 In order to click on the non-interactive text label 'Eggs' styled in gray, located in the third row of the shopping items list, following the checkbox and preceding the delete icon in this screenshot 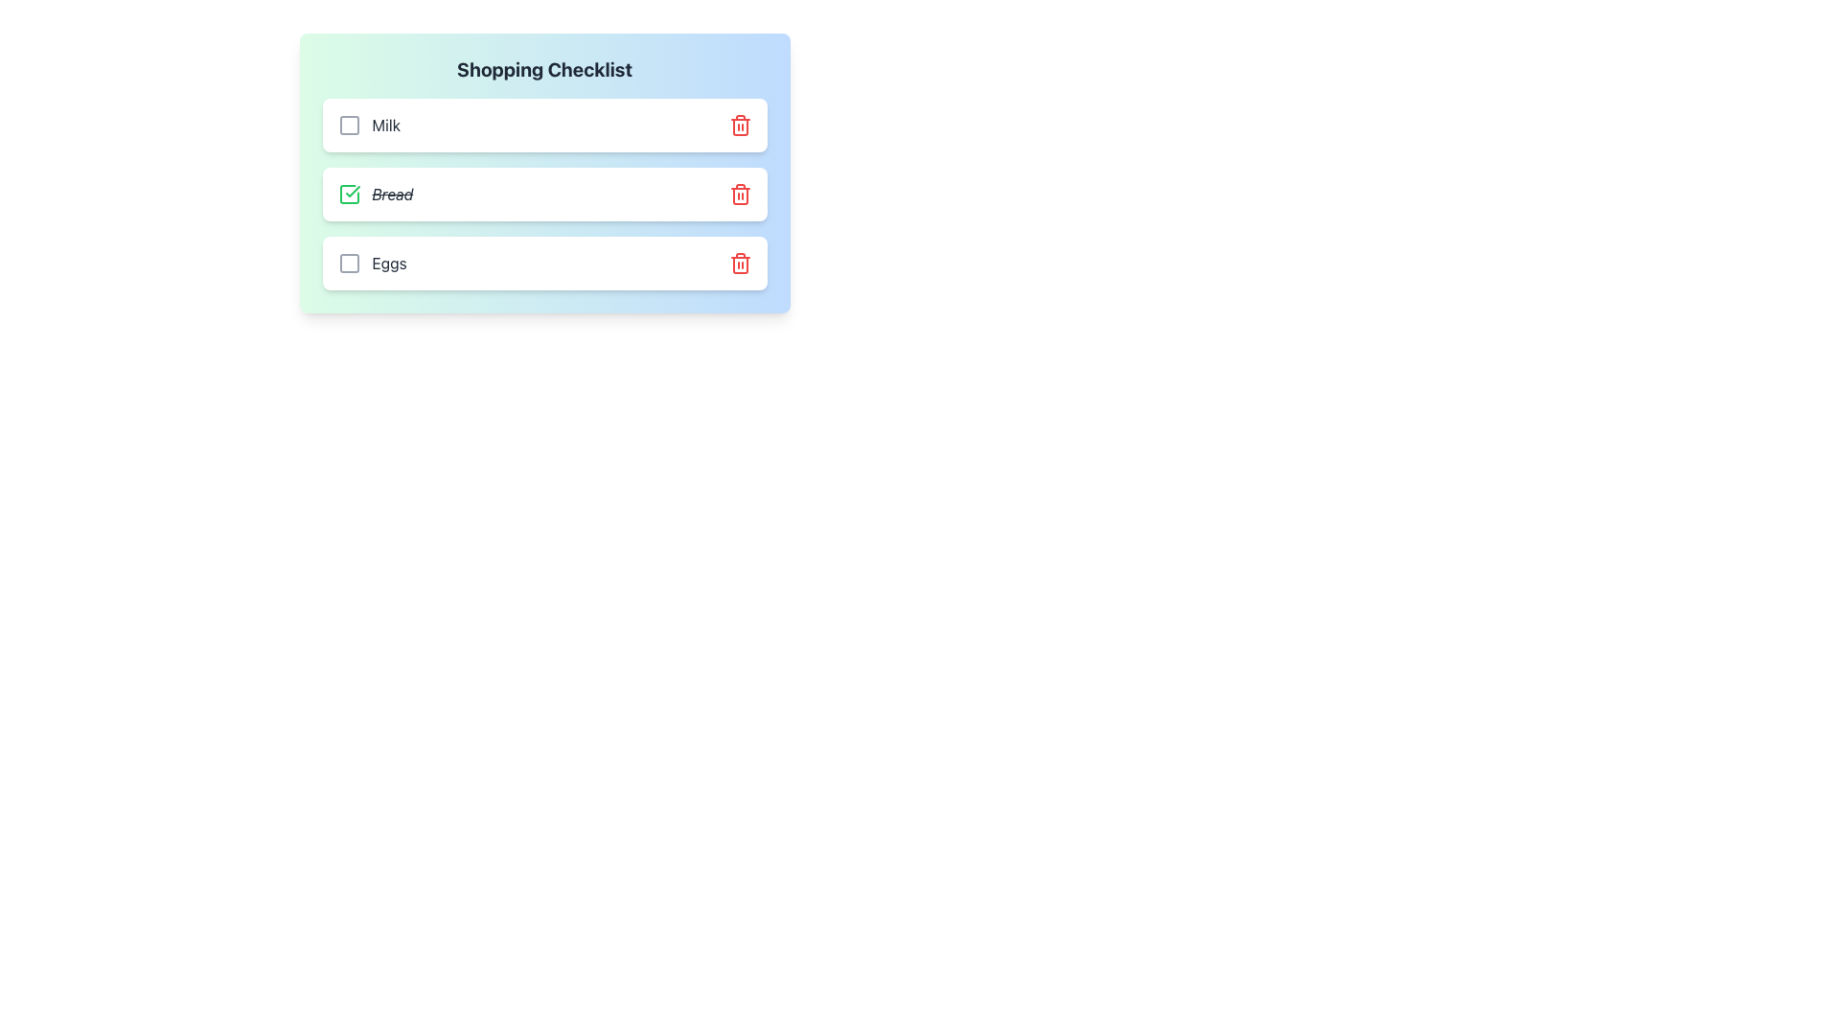, I will do `click(388, 263)`.